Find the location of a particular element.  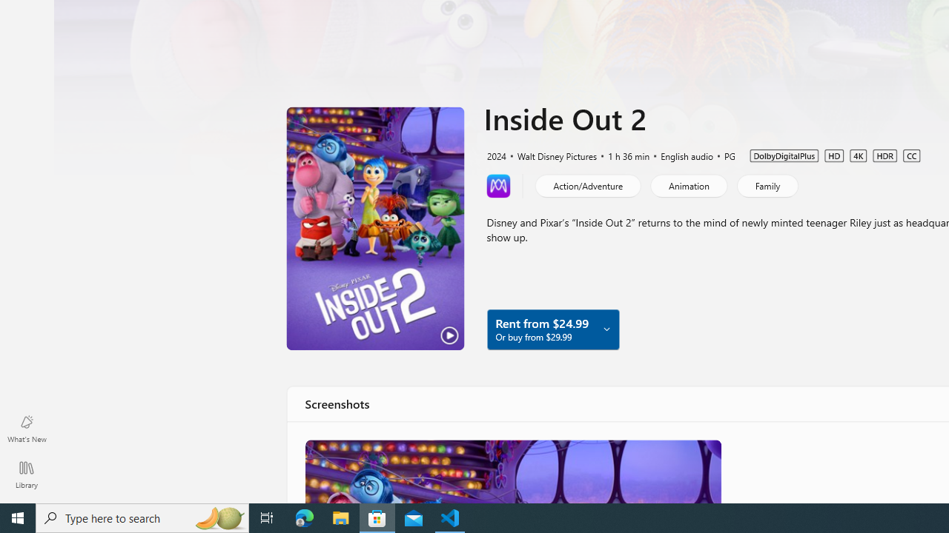

'PG' is located at coordinates (723, 155).